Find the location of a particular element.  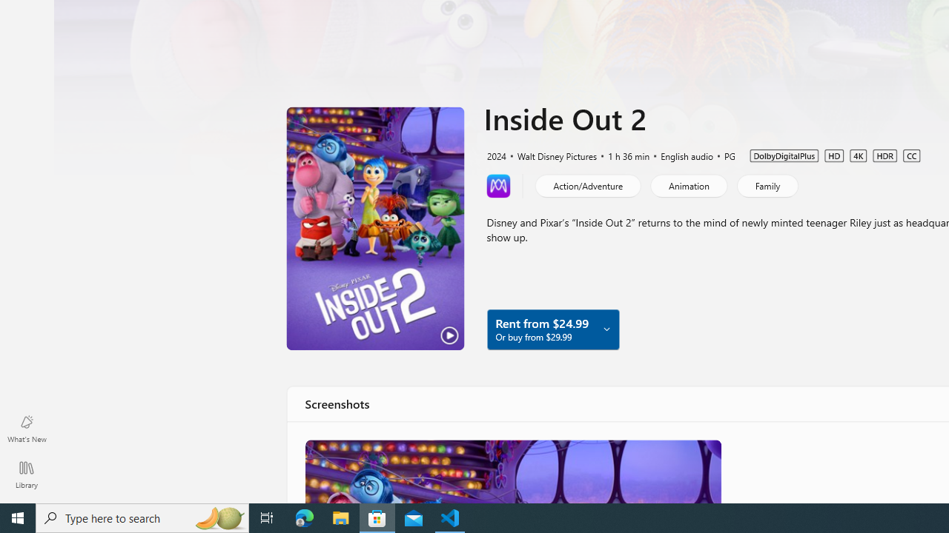

'PG' is located at coordinates (723, 155).